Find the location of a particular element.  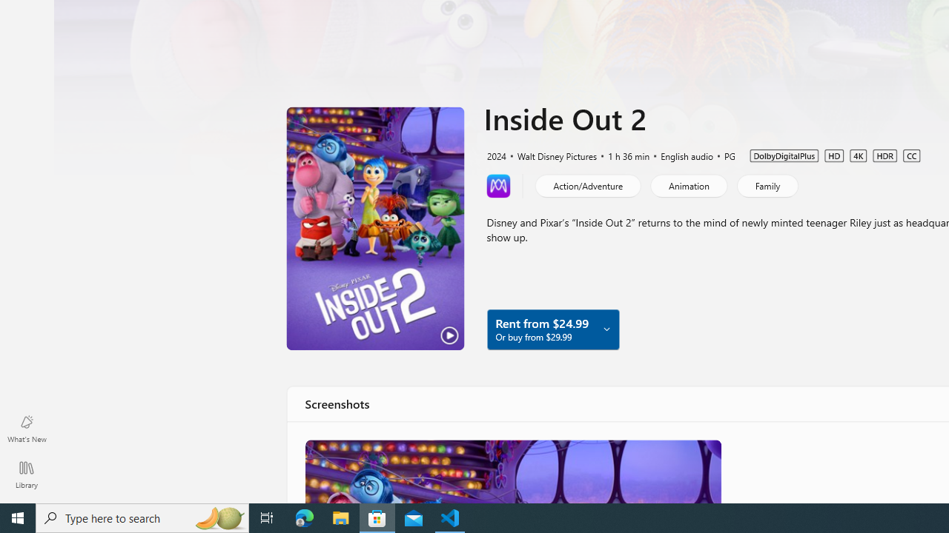

'PG' is located at coordinates (723, 155).